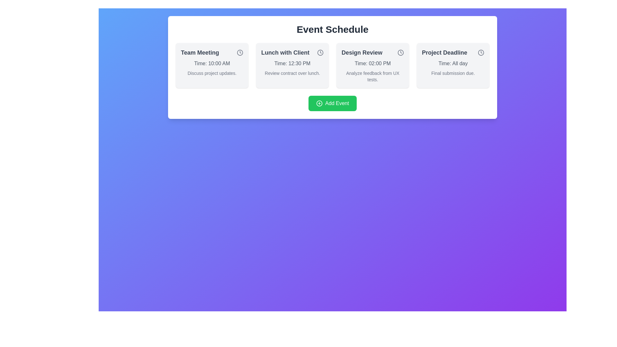  What do you see at coordinates (285, 52) in the screenshot?
I see `the text label (header) that serves as the title for the second event card from the left, located at the top of the card` at bounding box center [285, 52].